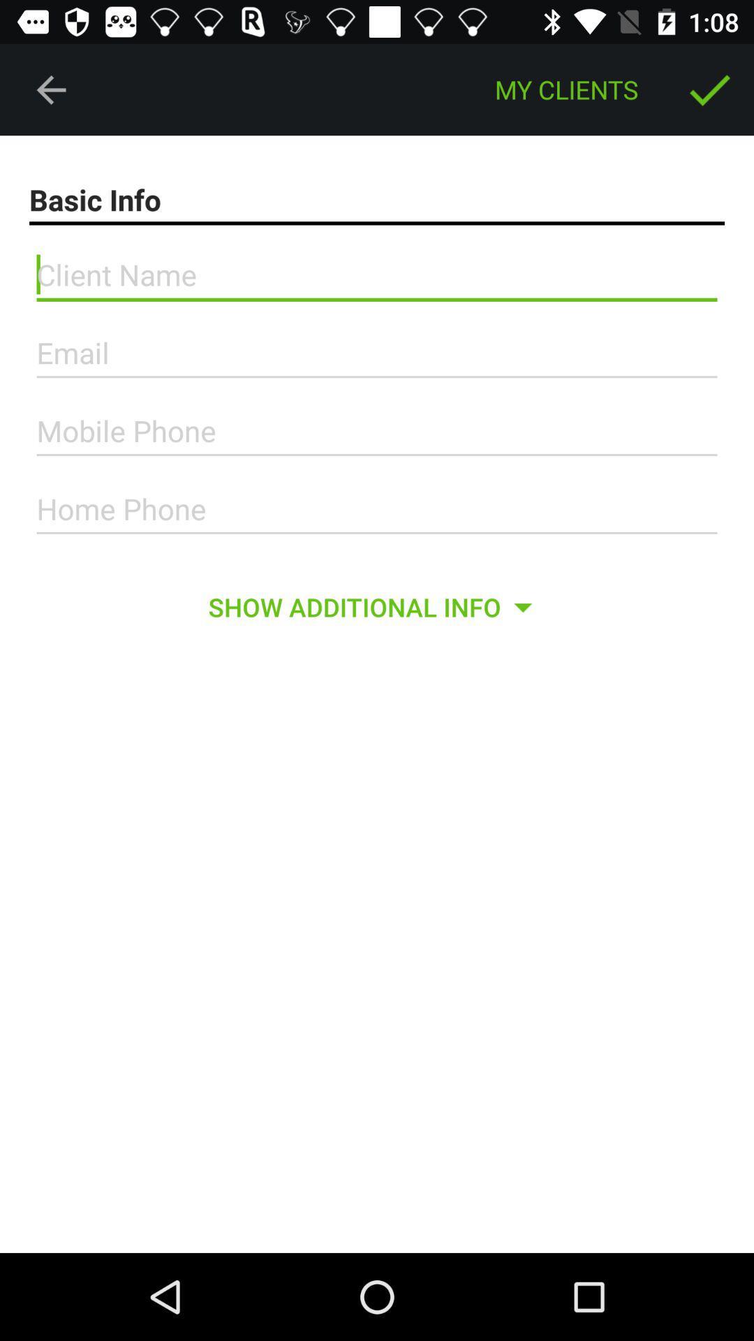 The image size is (754, 1341). I want to click on item next to my clients icon, so click(710, 89).